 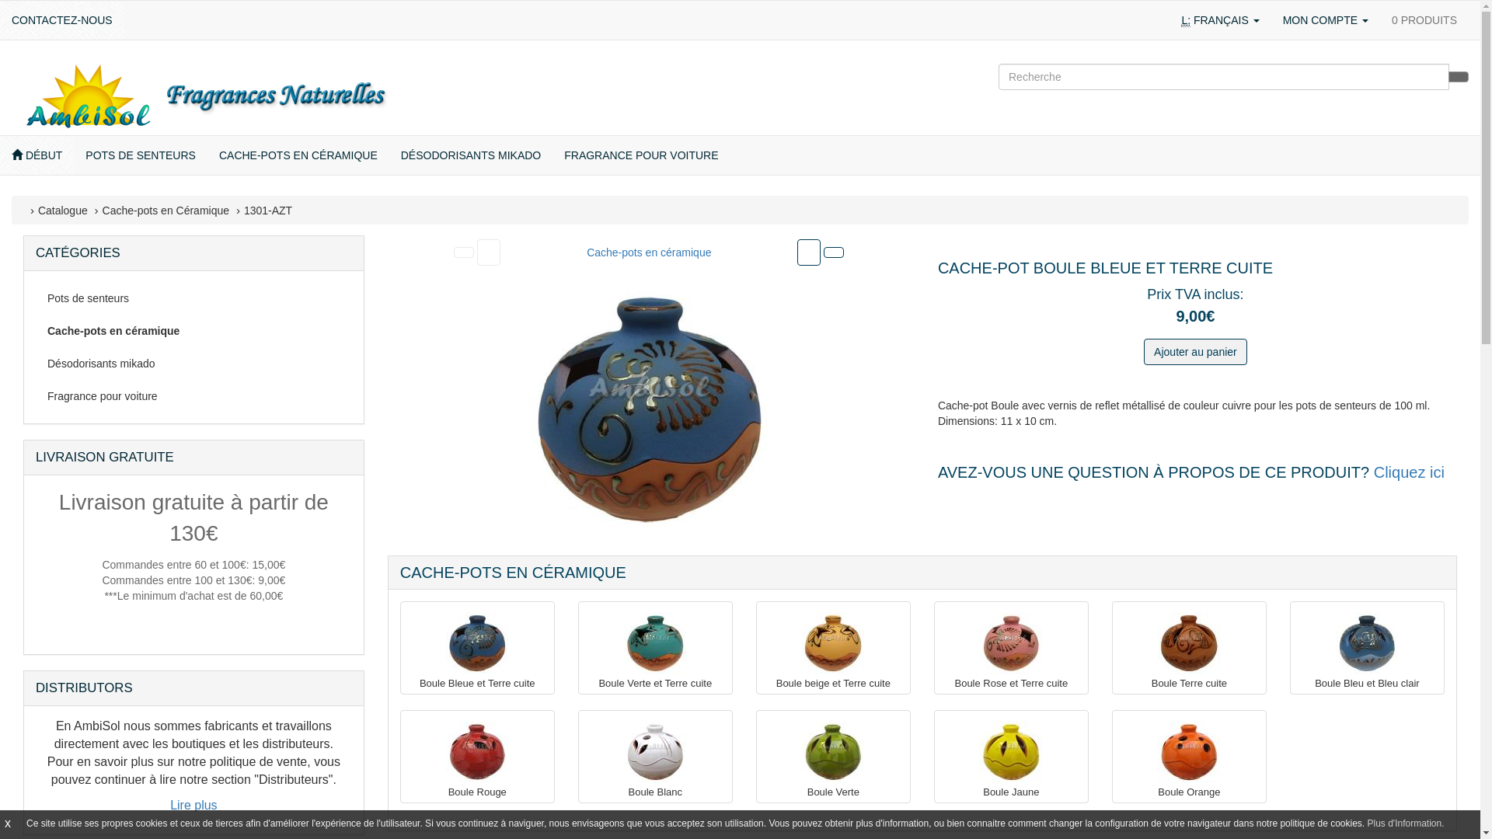 I want to click on 'Boule Verte', so click(x=832, y=792).